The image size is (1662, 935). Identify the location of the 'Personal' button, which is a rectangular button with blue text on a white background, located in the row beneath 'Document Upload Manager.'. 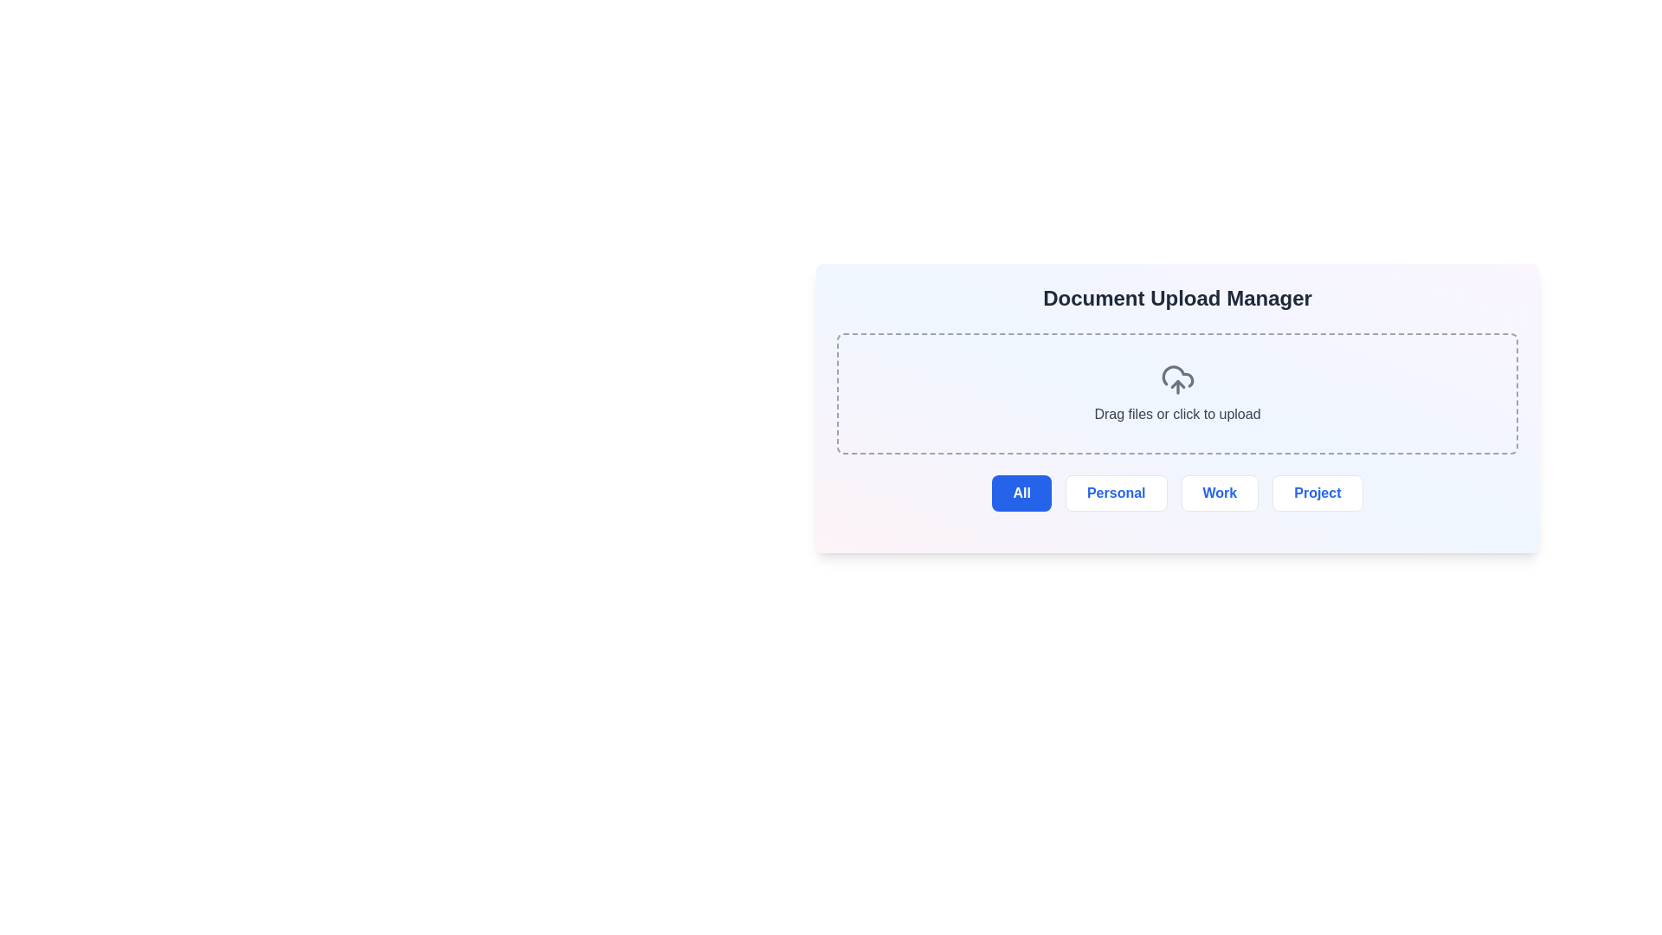
(1116, 493).